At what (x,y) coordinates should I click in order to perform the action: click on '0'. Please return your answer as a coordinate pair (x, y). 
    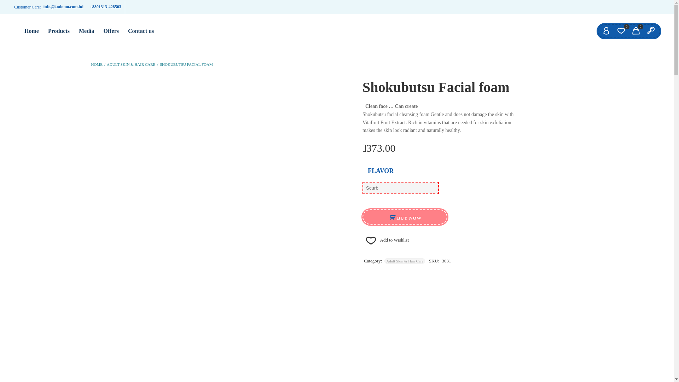
    Looking at the image, I should click on (621, 31).